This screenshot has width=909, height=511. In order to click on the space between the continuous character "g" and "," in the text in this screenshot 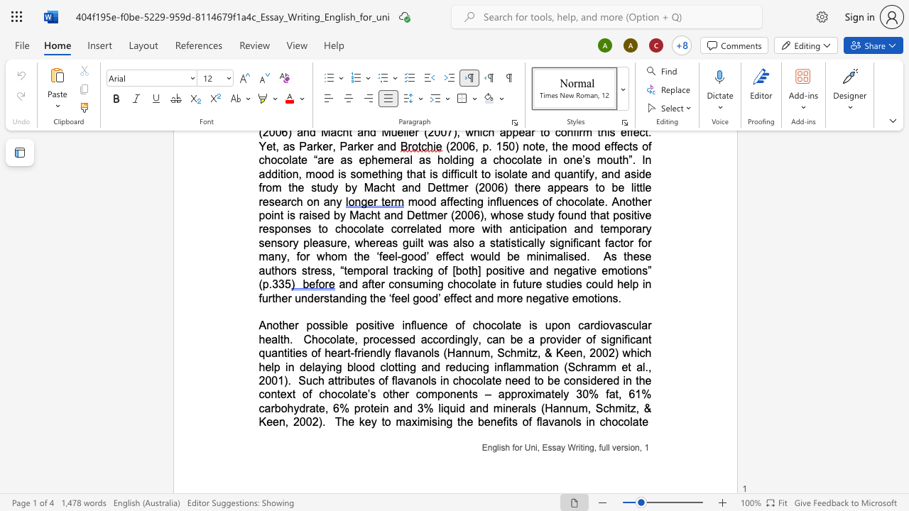, I will do `click(593, 448)`.